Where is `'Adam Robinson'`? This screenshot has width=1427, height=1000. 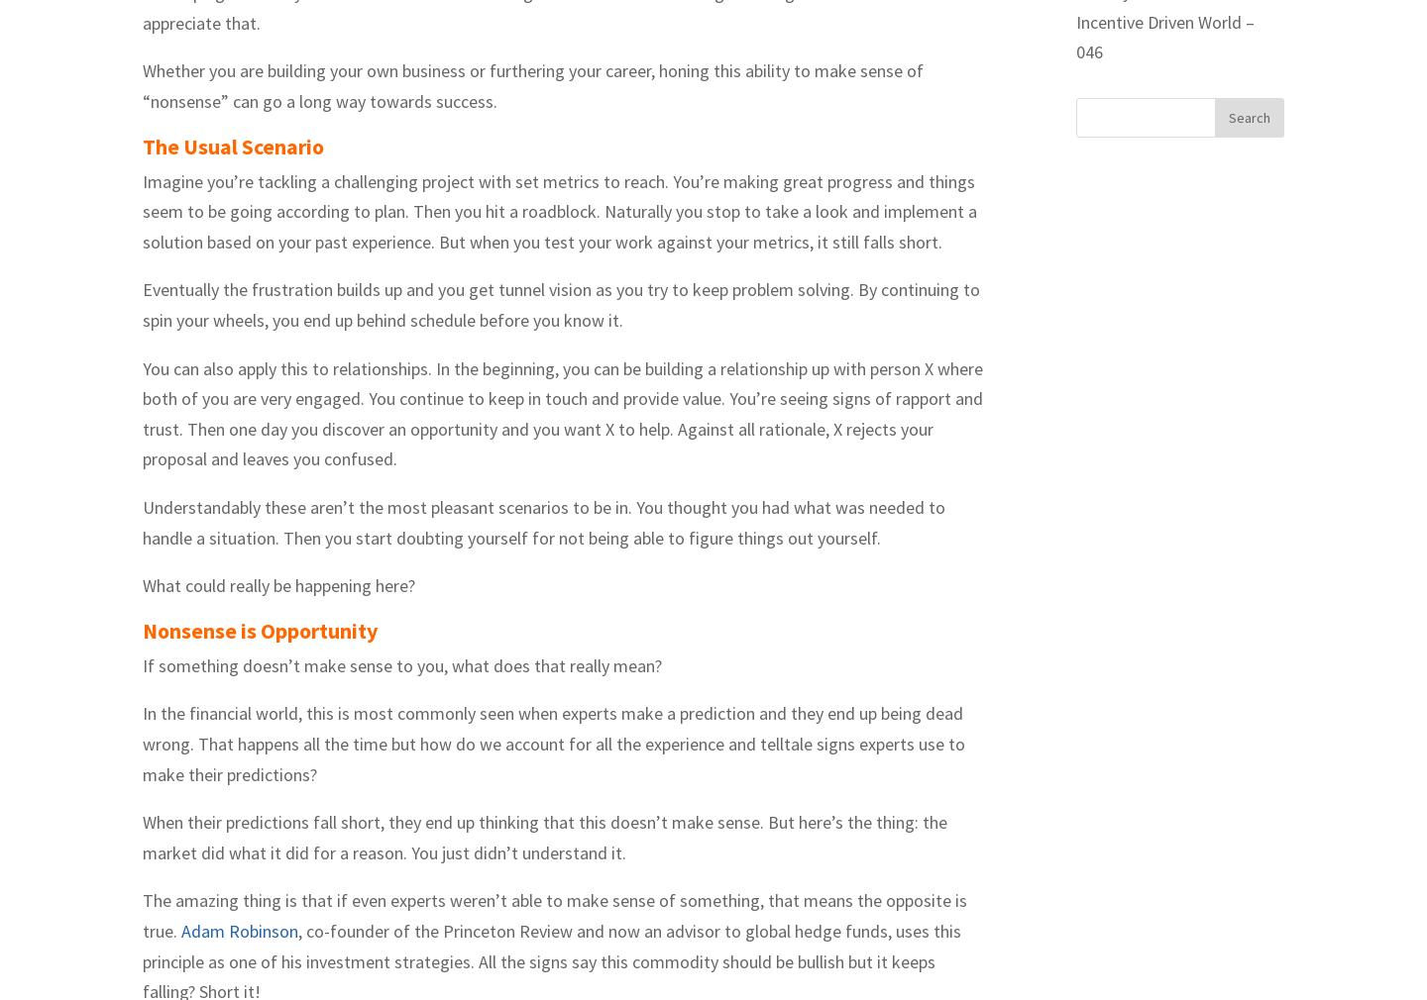
'Adam Robinson' is located at coordinates (239, 930).